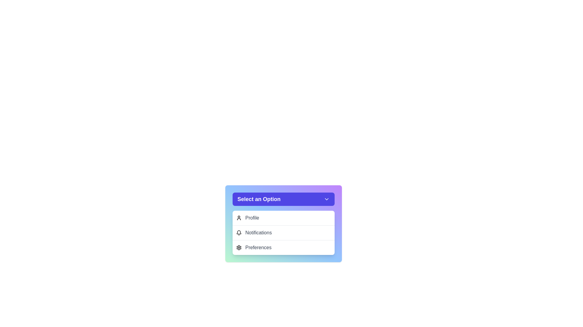 Image resolution: width=583 pixels, height=327 pixels. What do you see at coordinates (283, 247) in the screenshot?
I see `the menu option Preferences from the dropdown menu` at bounding box center [283, 247].